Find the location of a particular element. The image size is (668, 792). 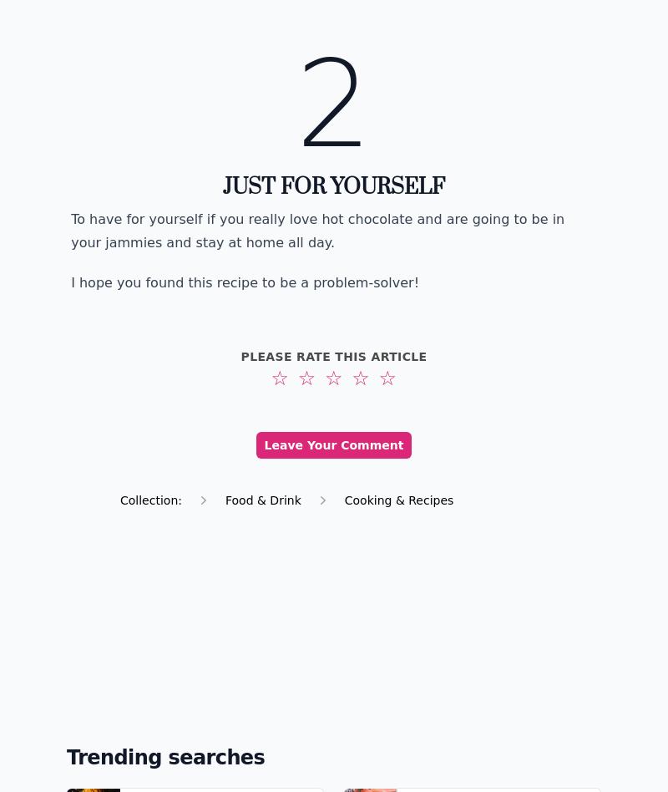

'I hope you found this recipe to be a problem-solver!' is located at coordinates (245, 282).